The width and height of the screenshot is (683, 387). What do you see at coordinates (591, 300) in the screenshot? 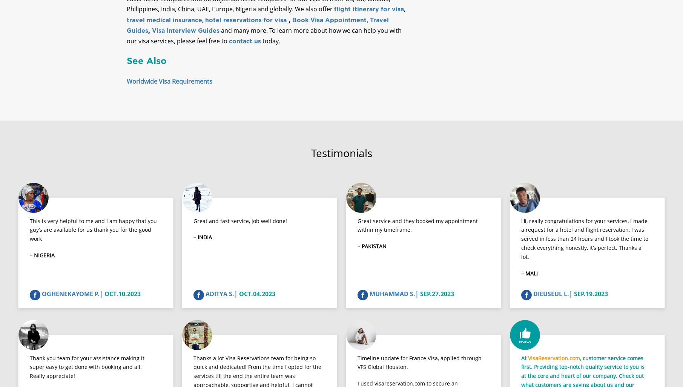
I see `'SEP.19.2023'` at bounding box center [591, 300].